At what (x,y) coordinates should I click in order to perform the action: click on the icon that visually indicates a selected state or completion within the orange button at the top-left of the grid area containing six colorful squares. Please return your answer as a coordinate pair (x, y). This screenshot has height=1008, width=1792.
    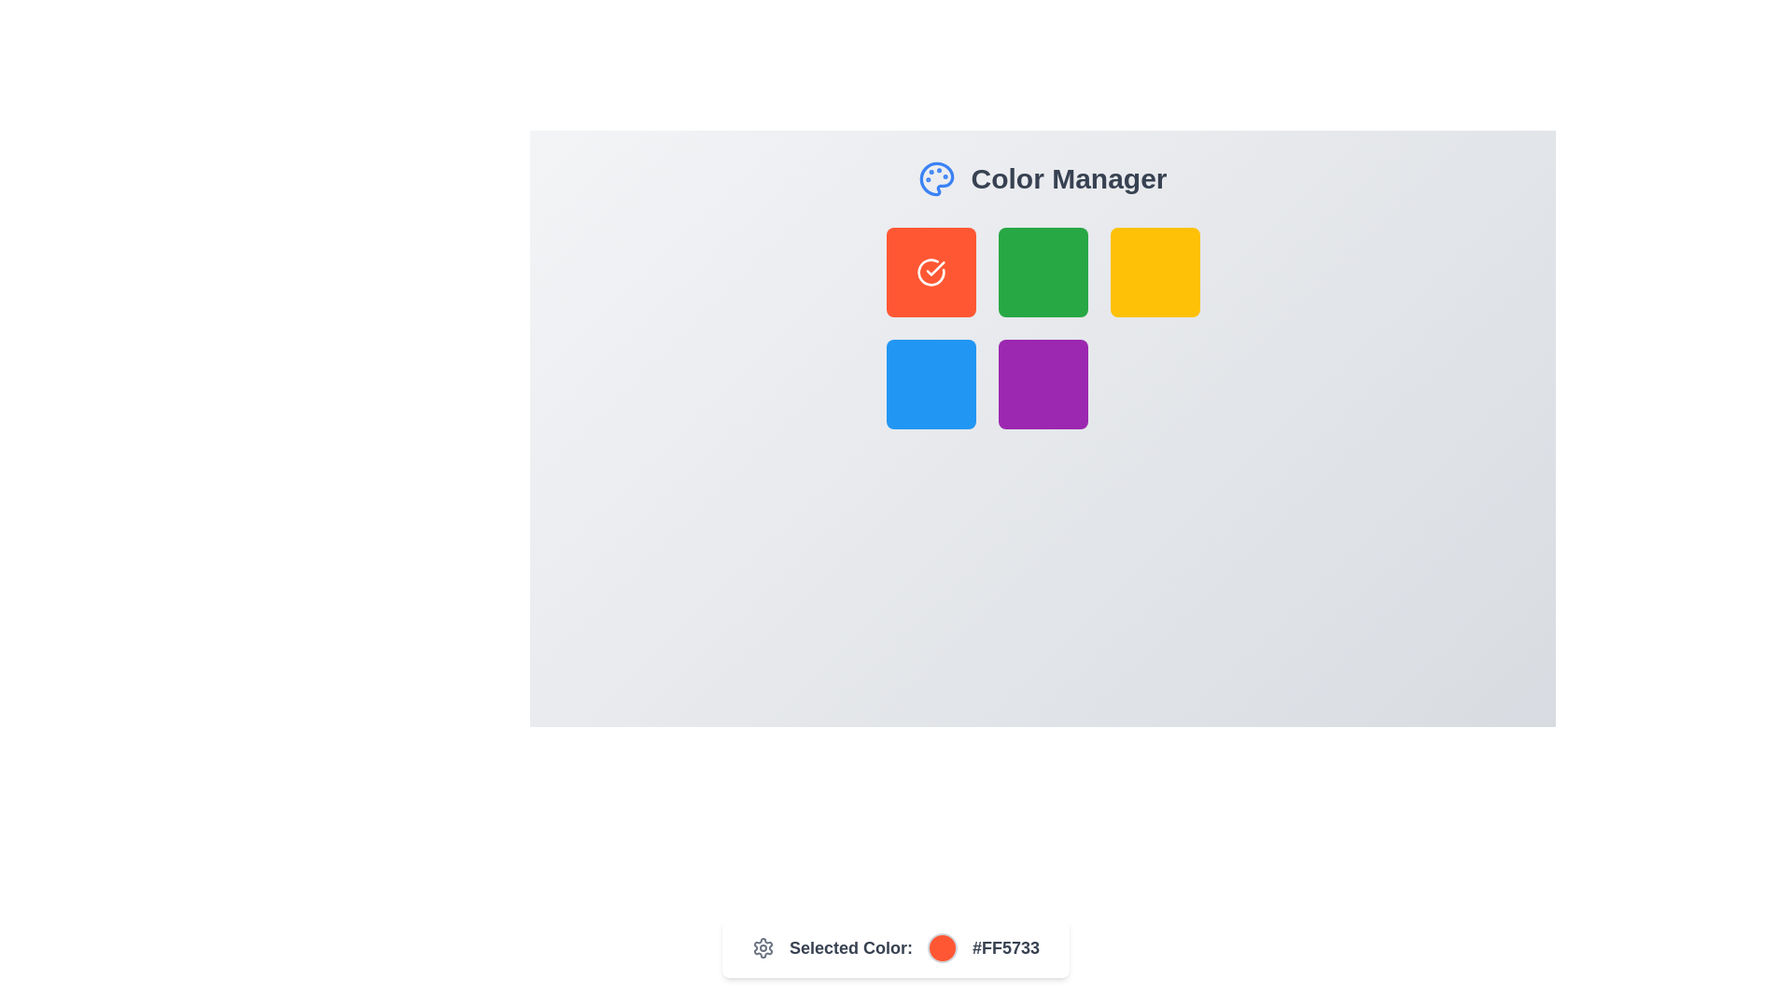
    Looking at the image, I should click on (931, 273).